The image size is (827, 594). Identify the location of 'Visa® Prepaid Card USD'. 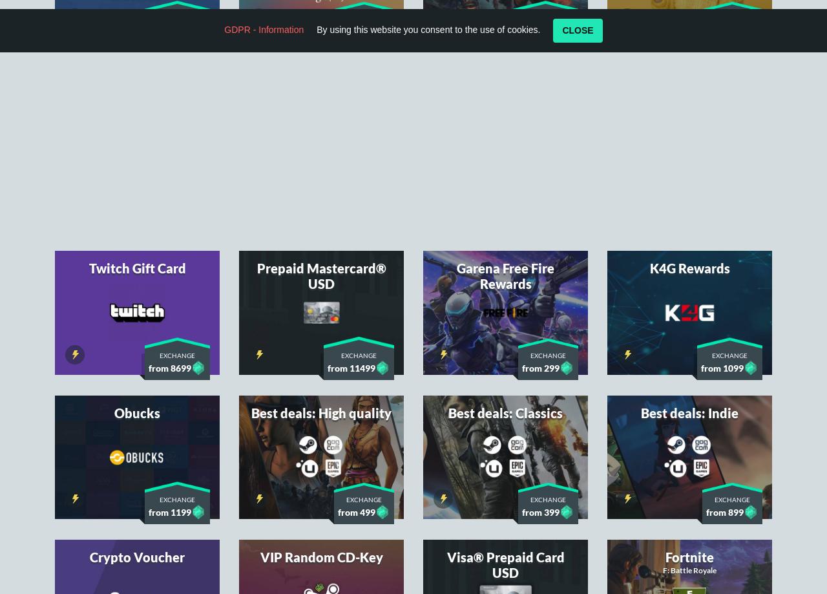
(504, 394).